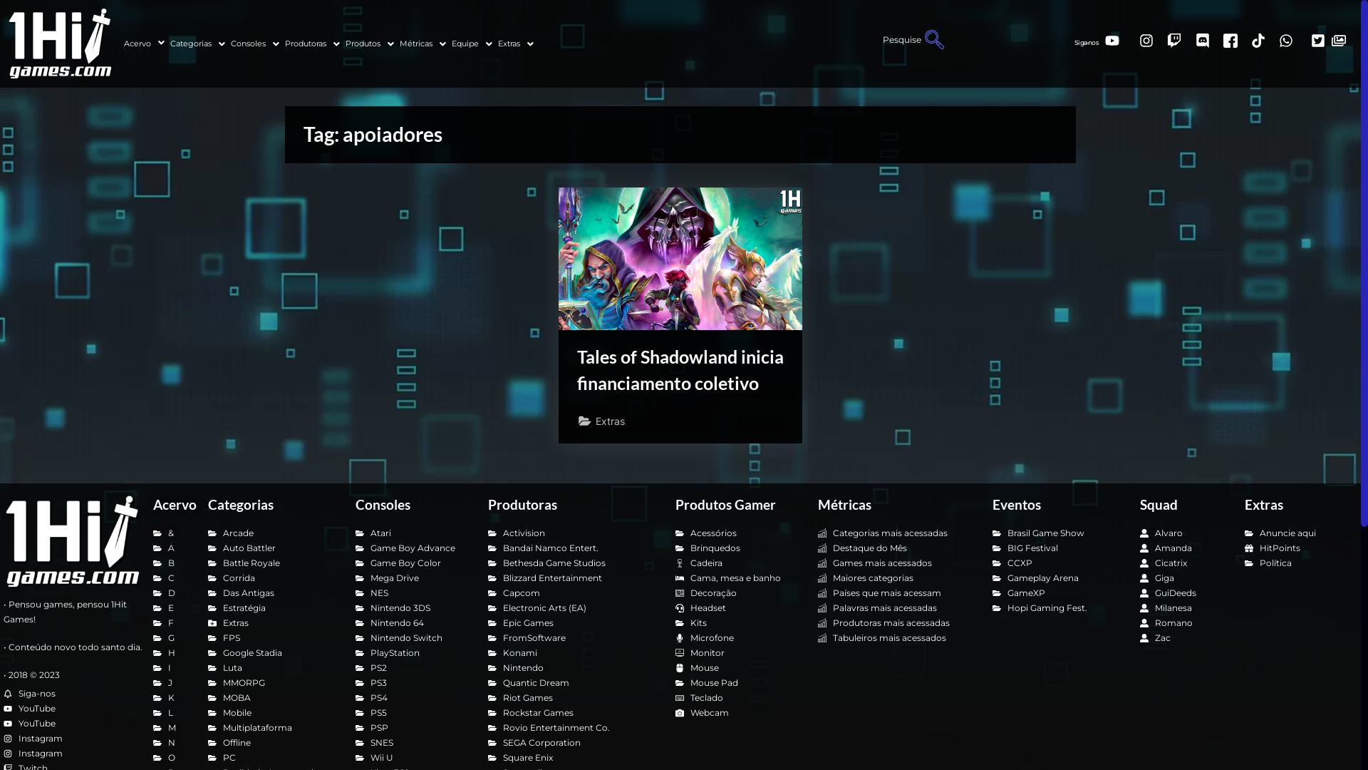 The height and width of the screenshot is (770, 1368). Describe the element at coordinates (172, 756) in the screenshot. I see `'O'` at that location.